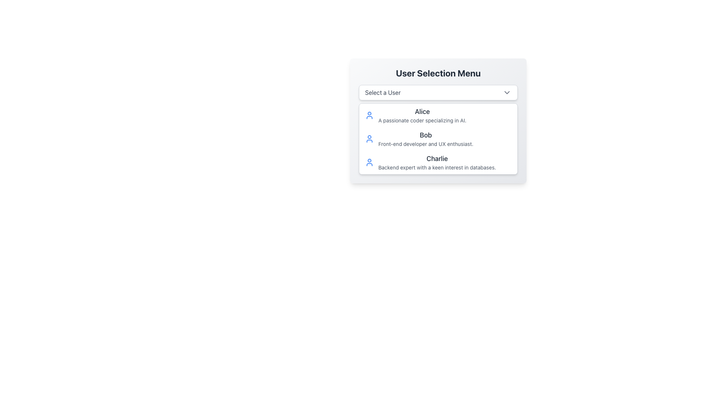 This screenshot has width=706, height=397. Describe the element at coordinates (437, 167) in the screenshot. I see `the text label styled in a smaller font size with gray color that contains the text 'Backend expert with a keen interest in databases.' This label is located immediately below the name 'Charlie' in the third user entry of a vertically arranged user selection list` at that location.